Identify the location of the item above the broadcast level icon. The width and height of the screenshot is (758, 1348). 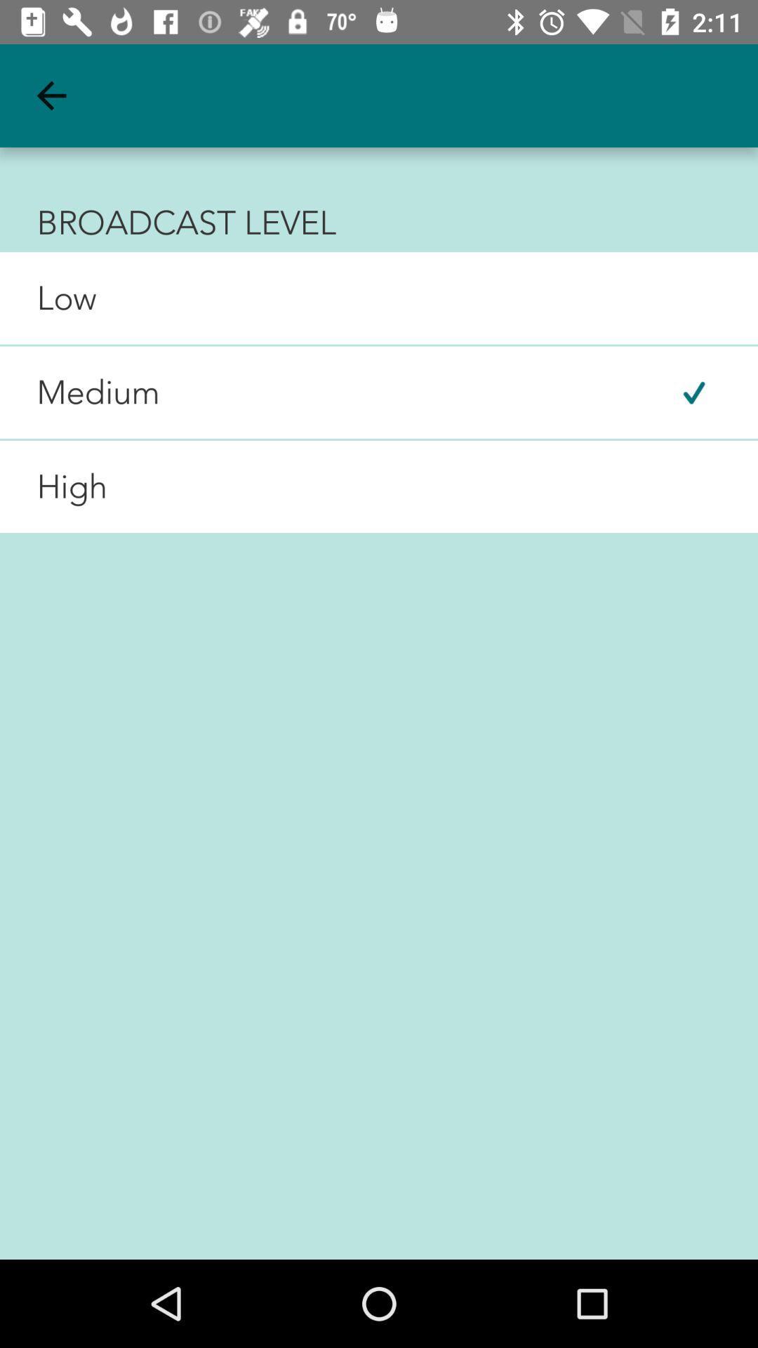
(51, 95).